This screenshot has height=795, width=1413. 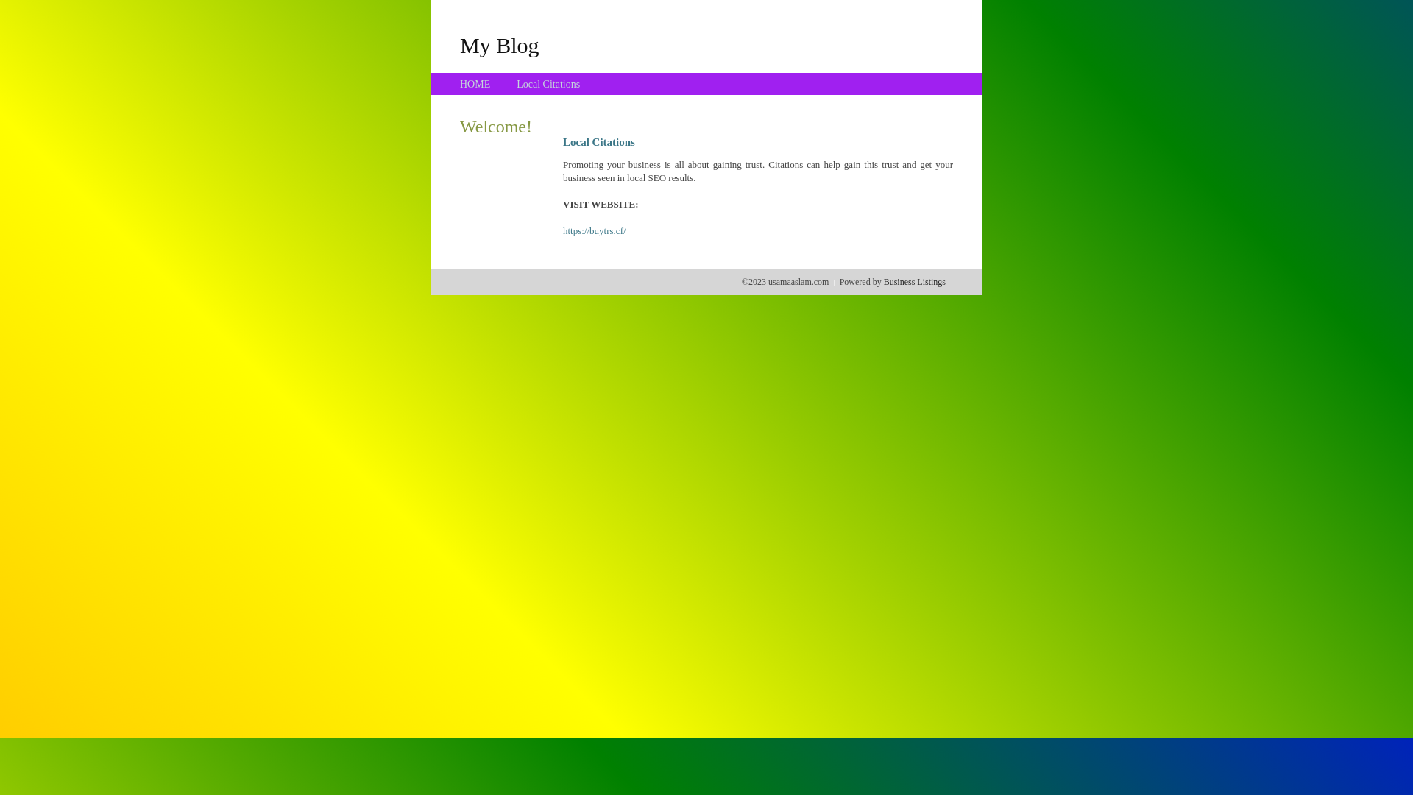 I want to click on 'Local Citations', so click(x=547, y=84).